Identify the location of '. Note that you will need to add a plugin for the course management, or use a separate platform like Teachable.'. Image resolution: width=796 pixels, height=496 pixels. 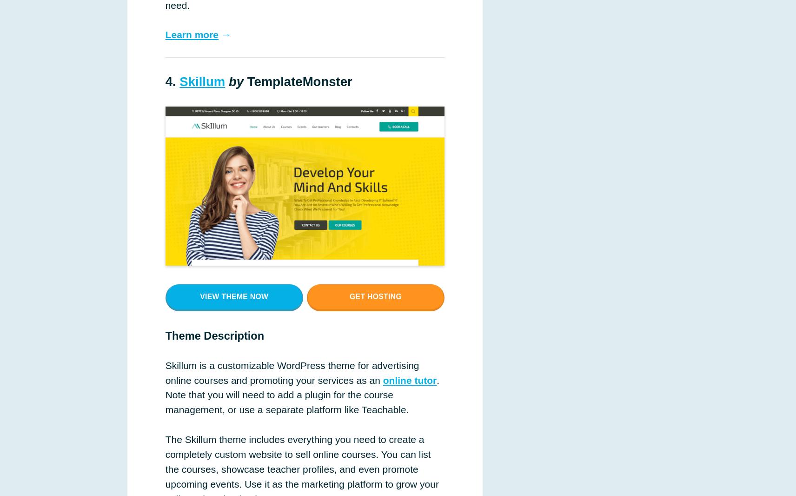
(165, 395).